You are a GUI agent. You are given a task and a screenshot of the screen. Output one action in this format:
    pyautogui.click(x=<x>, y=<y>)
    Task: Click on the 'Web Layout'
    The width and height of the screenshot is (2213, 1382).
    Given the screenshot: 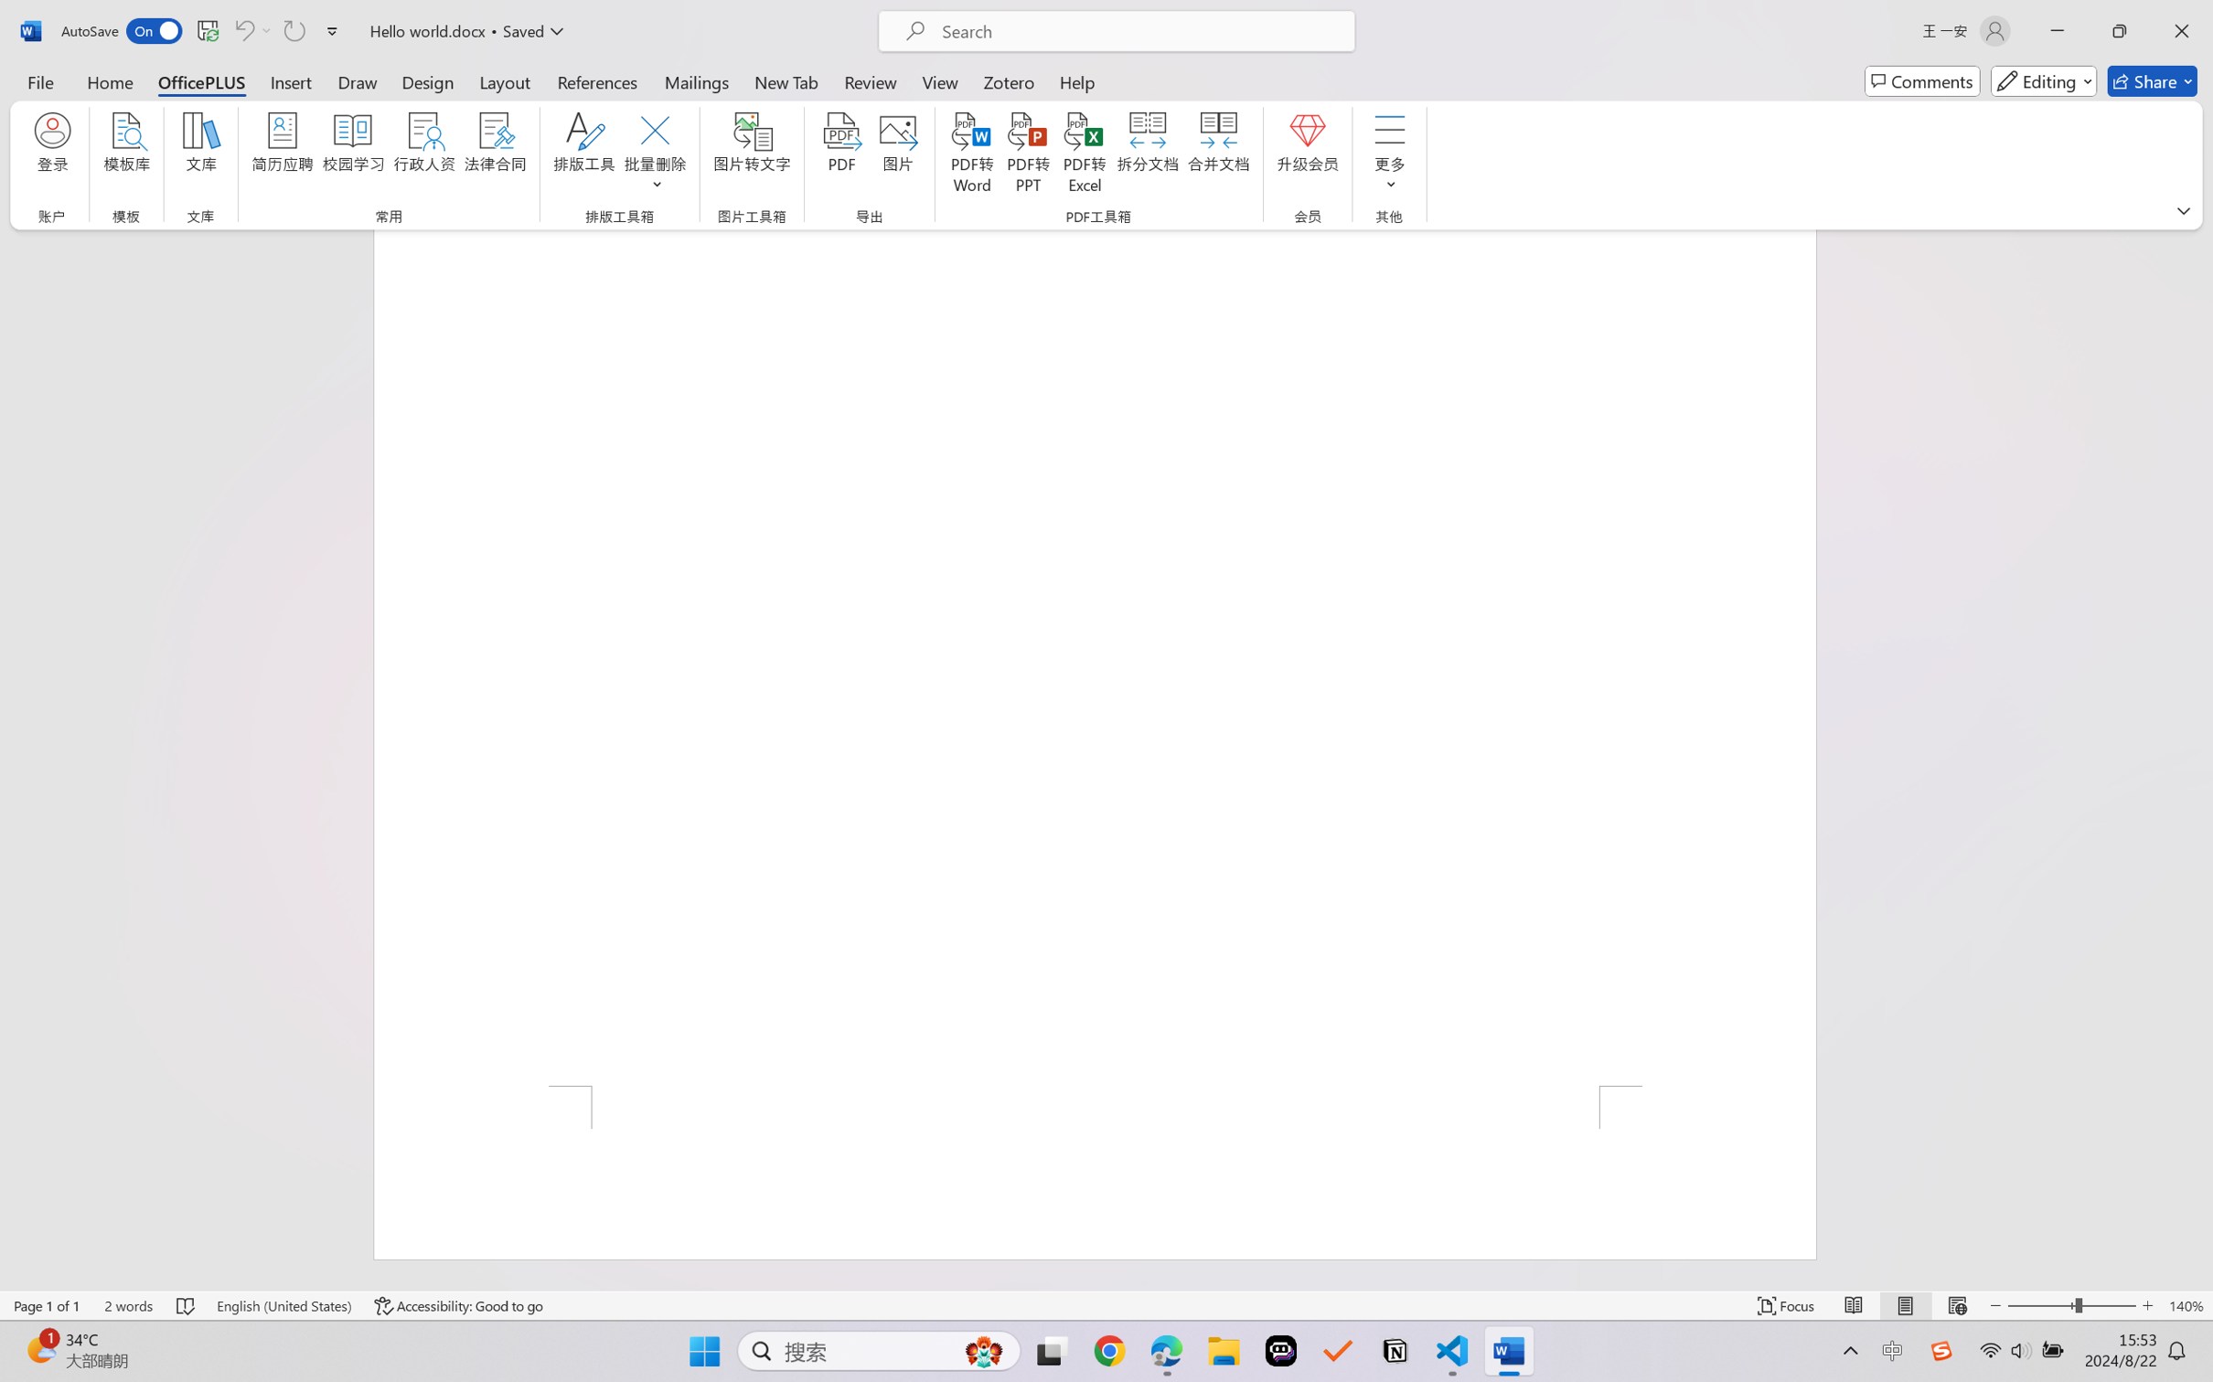 What is the action you would take?
    pyautogui.click(x=1956, y=1305)
    